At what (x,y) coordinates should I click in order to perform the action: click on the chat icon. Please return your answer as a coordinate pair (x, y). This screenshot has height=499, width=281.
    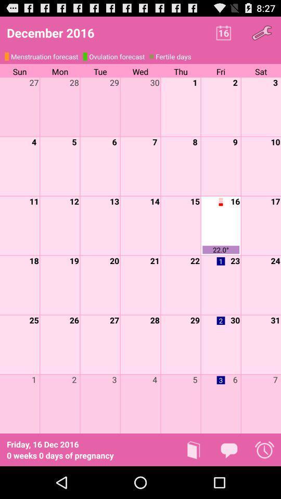
    Looking at the image, I should click on (229, 481).